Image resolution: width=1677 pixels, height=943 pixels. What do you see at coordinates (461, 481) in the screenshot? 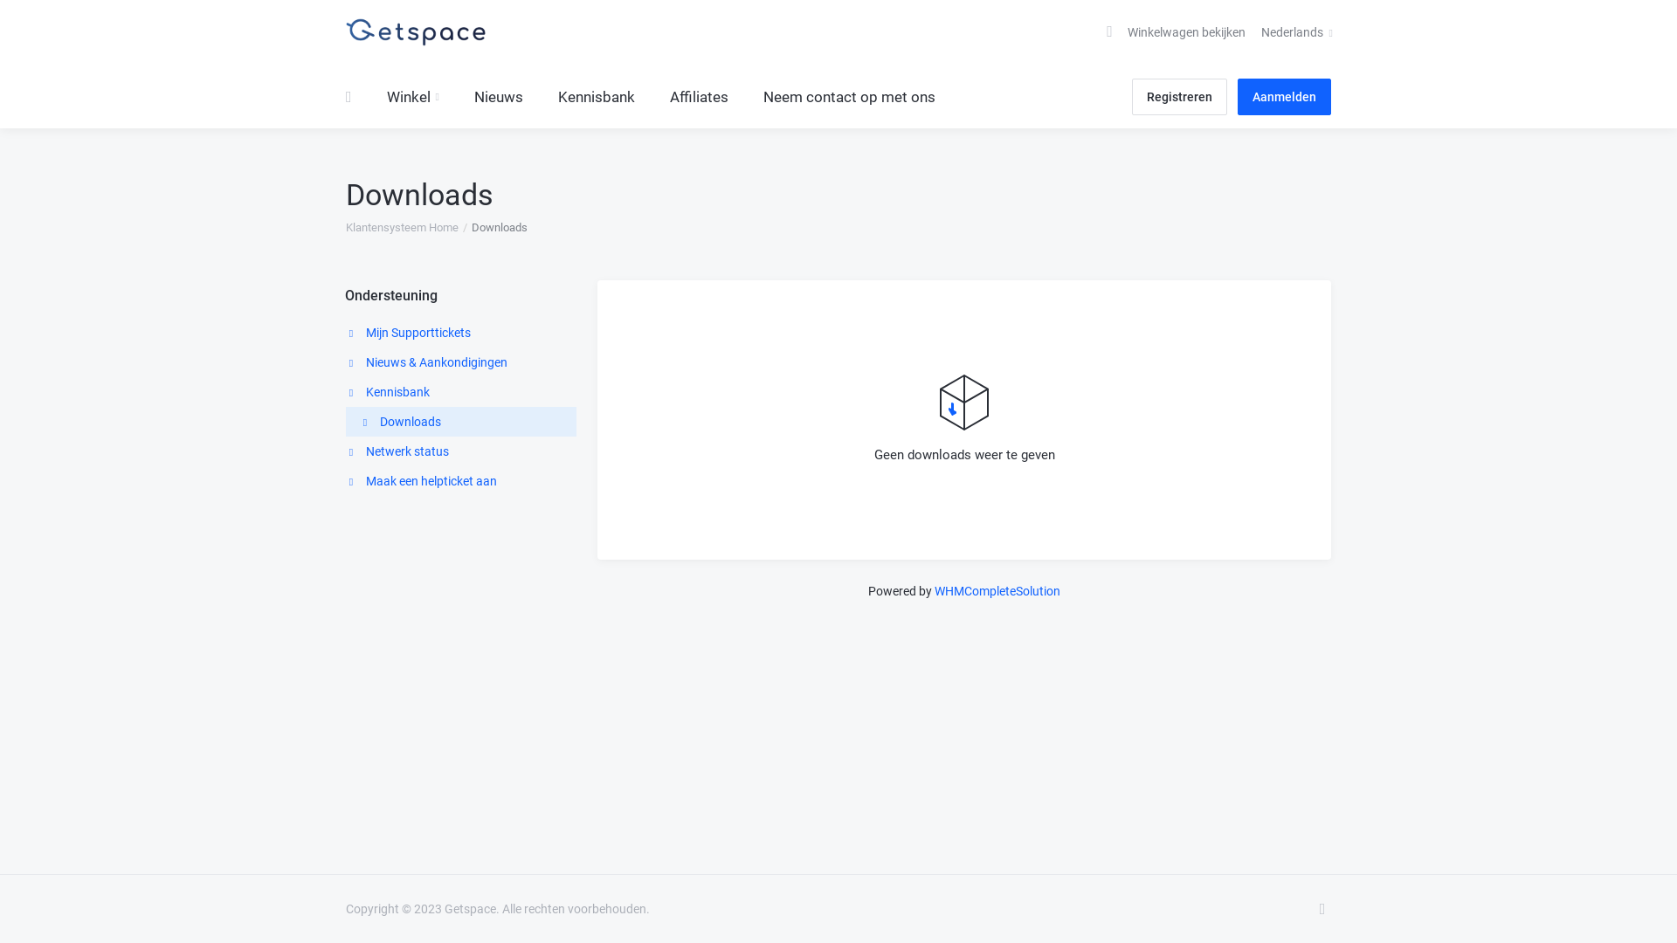
I see `'Maak een helpticket aan'` at bounding box center [461, 481].